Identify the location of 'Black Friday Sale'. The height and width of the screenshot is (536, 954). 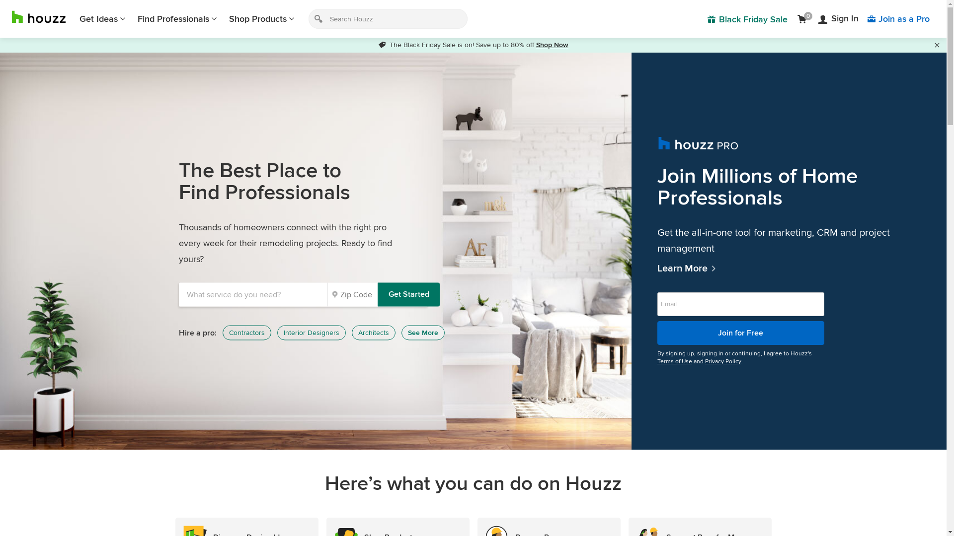
(747, 19).